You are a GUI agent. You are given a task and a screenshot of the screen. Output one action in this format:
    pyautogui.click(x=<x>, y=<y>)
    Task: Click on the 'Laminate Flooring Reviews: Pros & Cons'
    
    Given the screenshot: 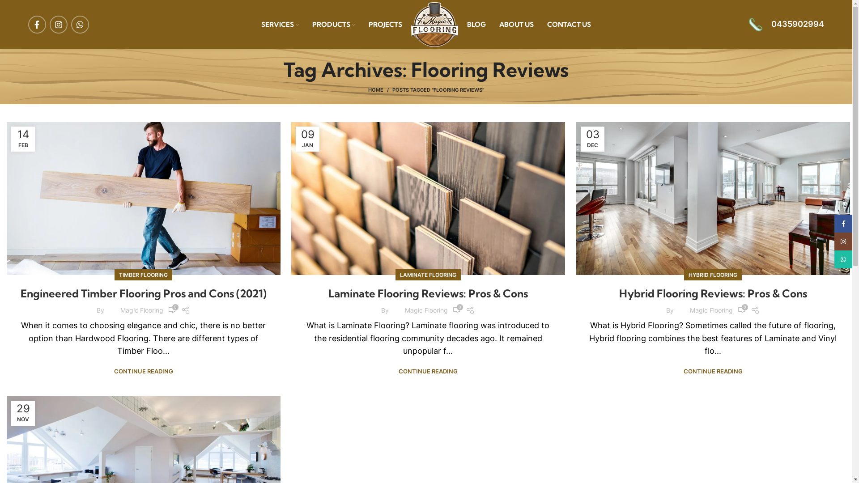 What is the action you would take?
    pyautogui.click(x=427, y=293)
    